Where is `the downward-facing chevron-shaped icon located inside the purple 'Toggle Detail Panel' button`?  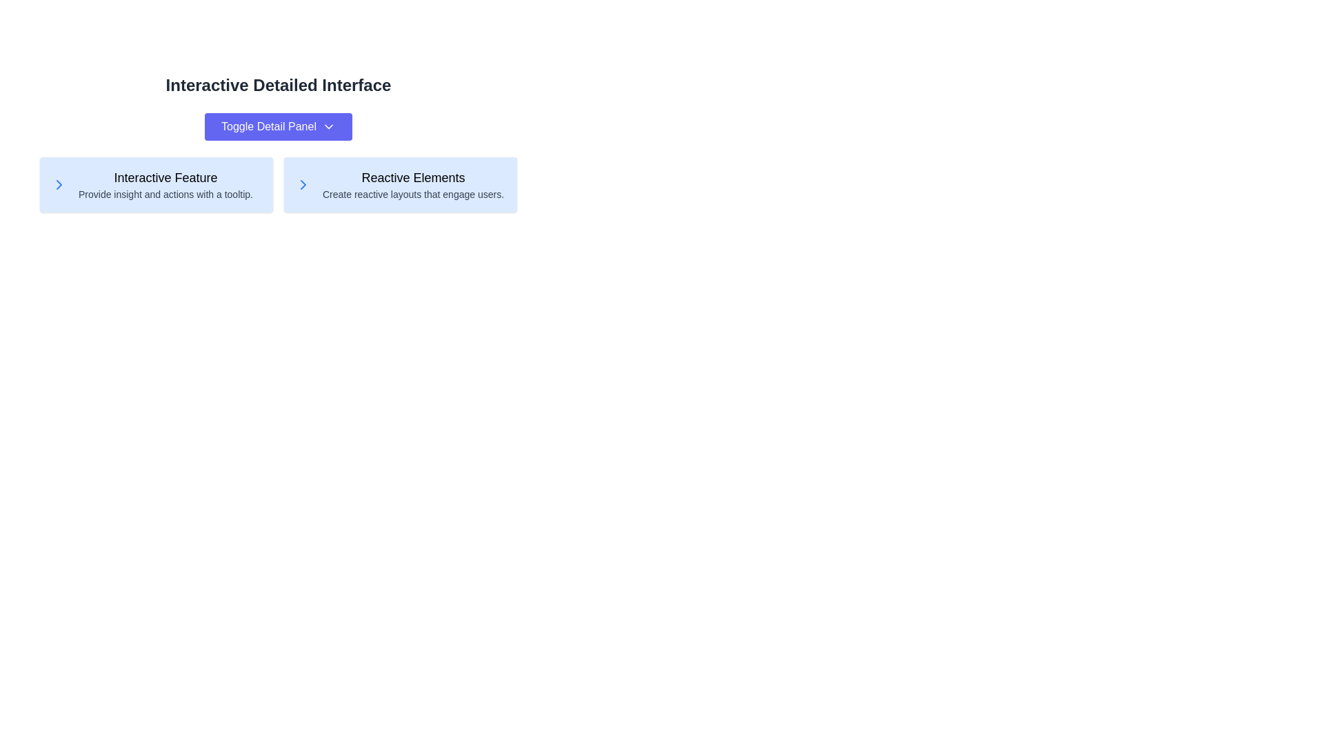
the downward-facing chevron-shaped icon located inside the purple 'Toggle Detail Panel' button is located at coordinates (328, 127).